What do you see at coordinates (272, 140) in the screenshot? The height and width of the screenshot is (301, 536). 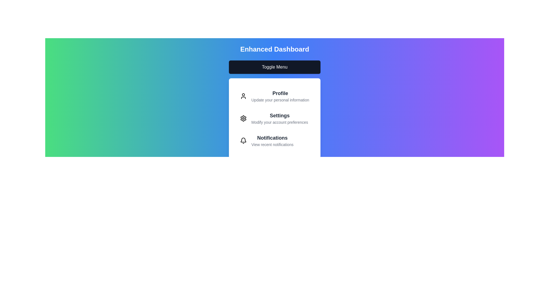 I see `the 'Notifications' menu item to trigger its associated action` at bounding box center [272, 140].